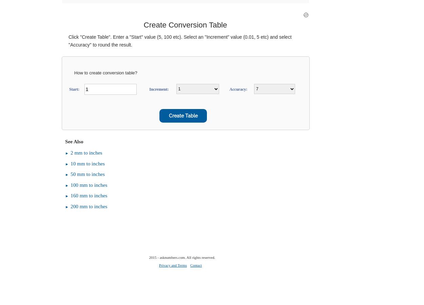  What do you see at coordinates (229, 89) in the screenshot?
I see `'Accuracy:'` at bounding box center [229, 89].